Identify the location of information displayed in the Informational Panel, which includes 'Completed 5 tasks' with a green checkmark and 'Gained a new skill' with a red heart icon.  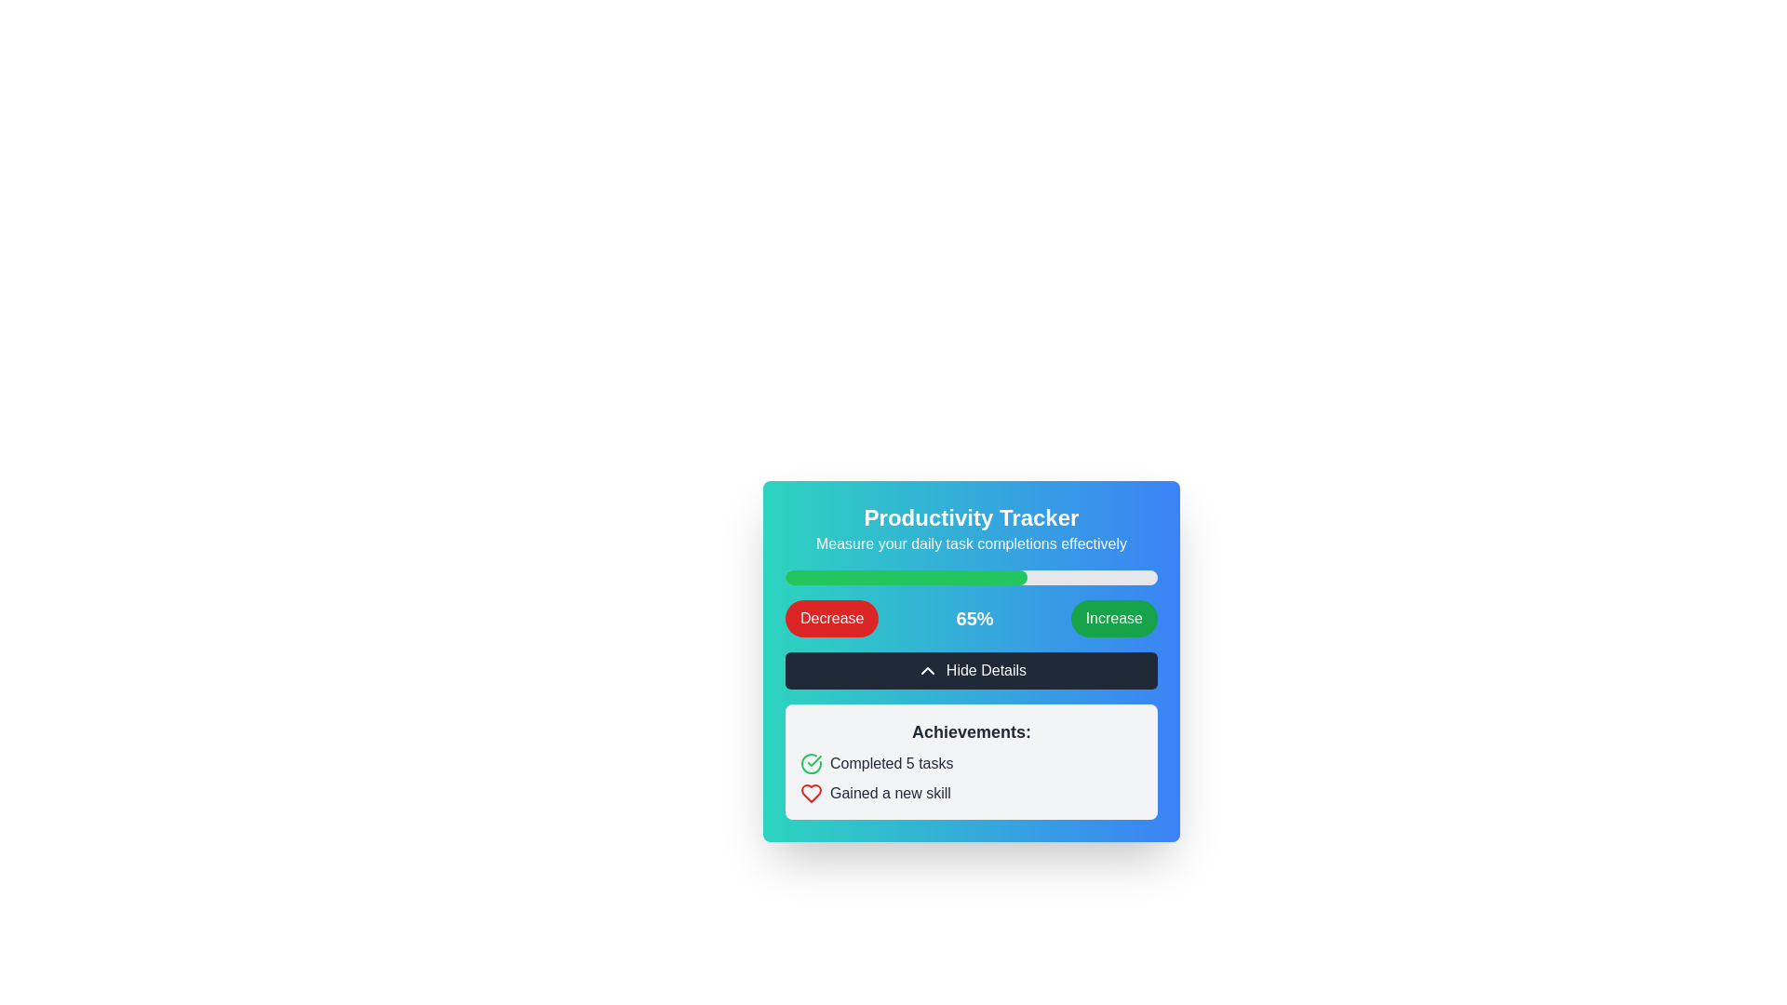
(970, 779).